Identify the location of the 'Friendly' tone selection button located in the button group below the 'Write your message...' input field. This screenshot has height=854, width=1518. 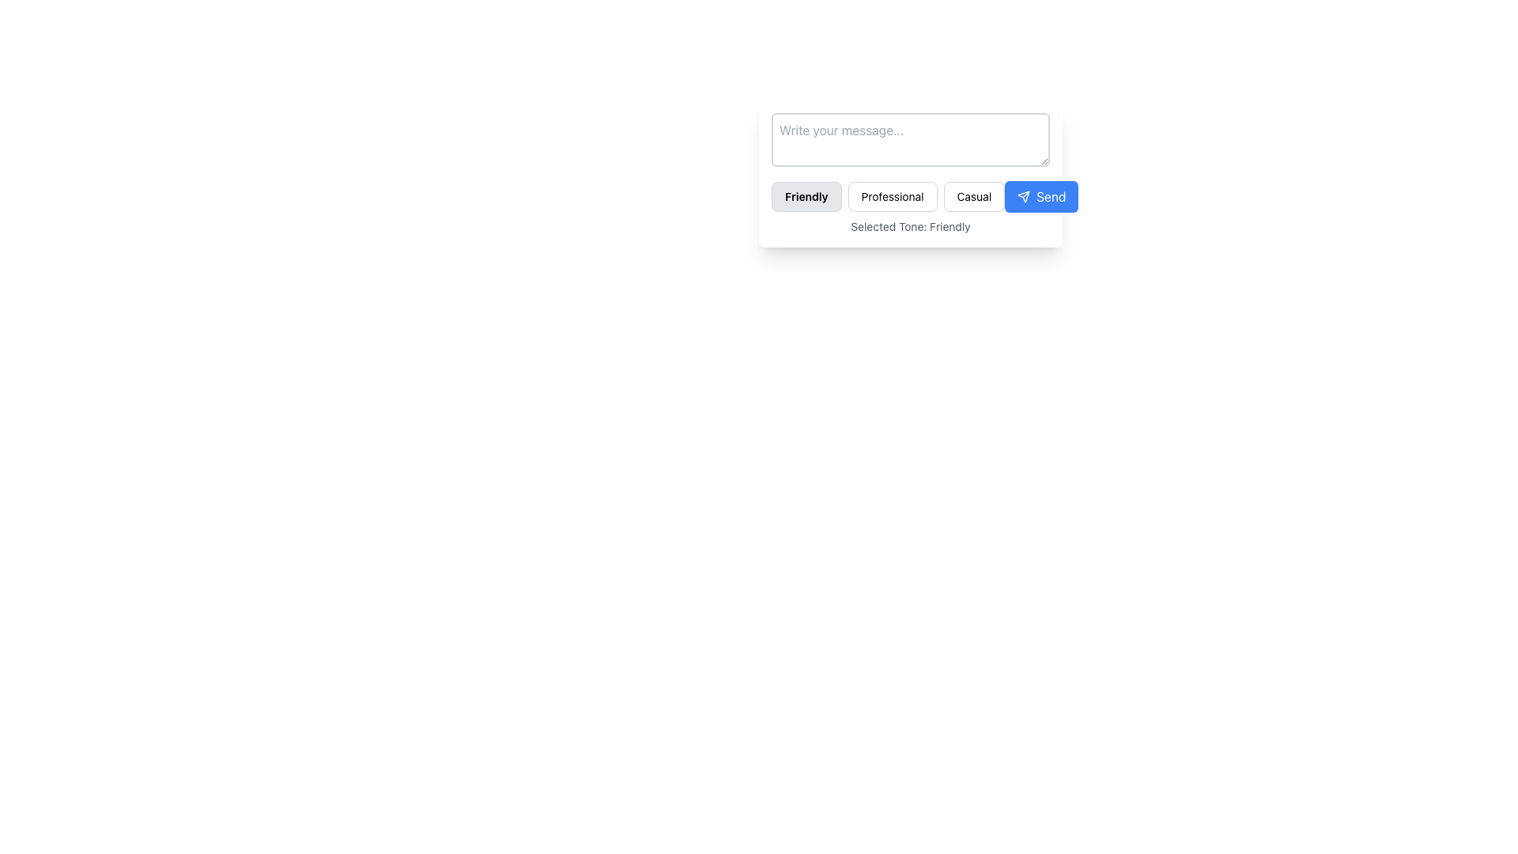
(806, 196).